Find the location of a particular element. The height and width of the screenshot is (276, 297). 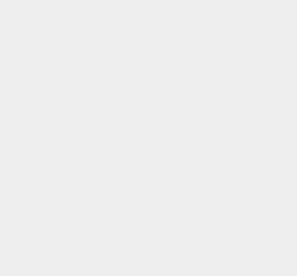

'Windows Phone 8' is located at coordinates (224, 244).